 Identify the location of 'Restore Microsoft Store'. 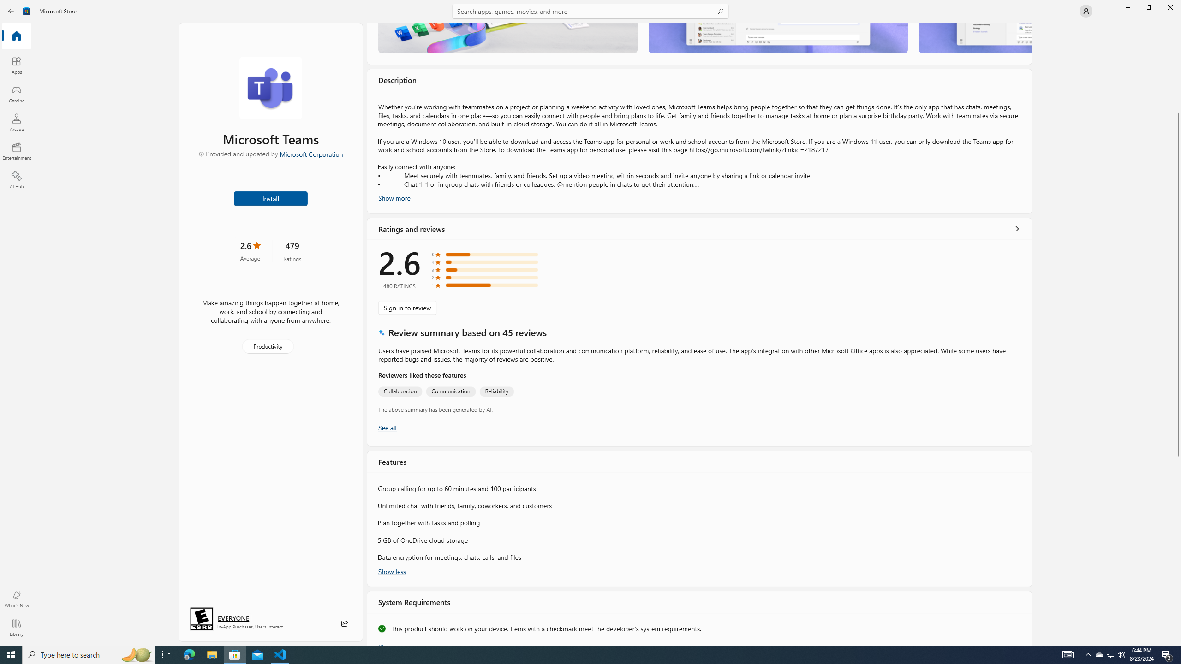
(1149, 7).